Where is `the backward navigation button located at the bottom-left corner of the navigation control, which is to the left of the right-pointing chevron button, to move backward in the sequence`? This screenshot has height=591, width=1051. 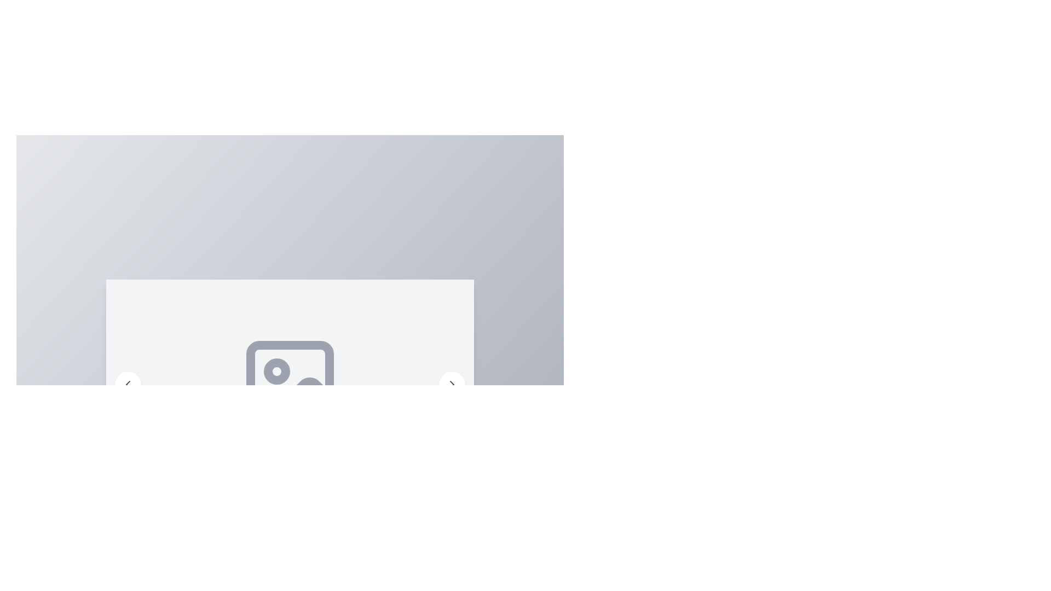
the backward navigation button located at the bottom-left corner of the navigation control, which is to the left of the right-pointing chevron button, to move backward in the sequence is located at coordinates (128, 384).